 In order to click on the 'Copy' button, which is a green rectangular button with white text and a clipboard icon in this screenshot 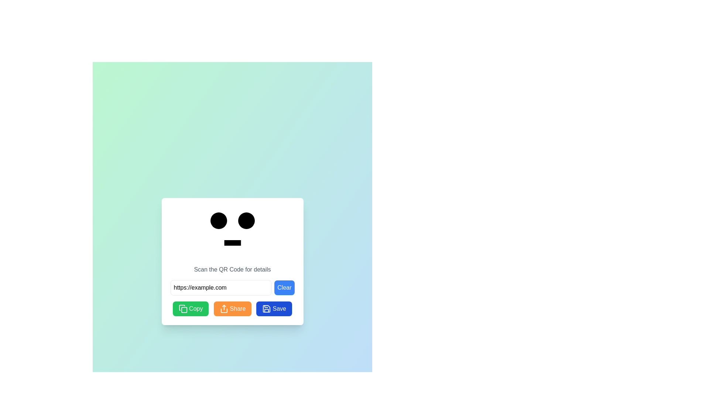, I will do `click(196, 309)`.